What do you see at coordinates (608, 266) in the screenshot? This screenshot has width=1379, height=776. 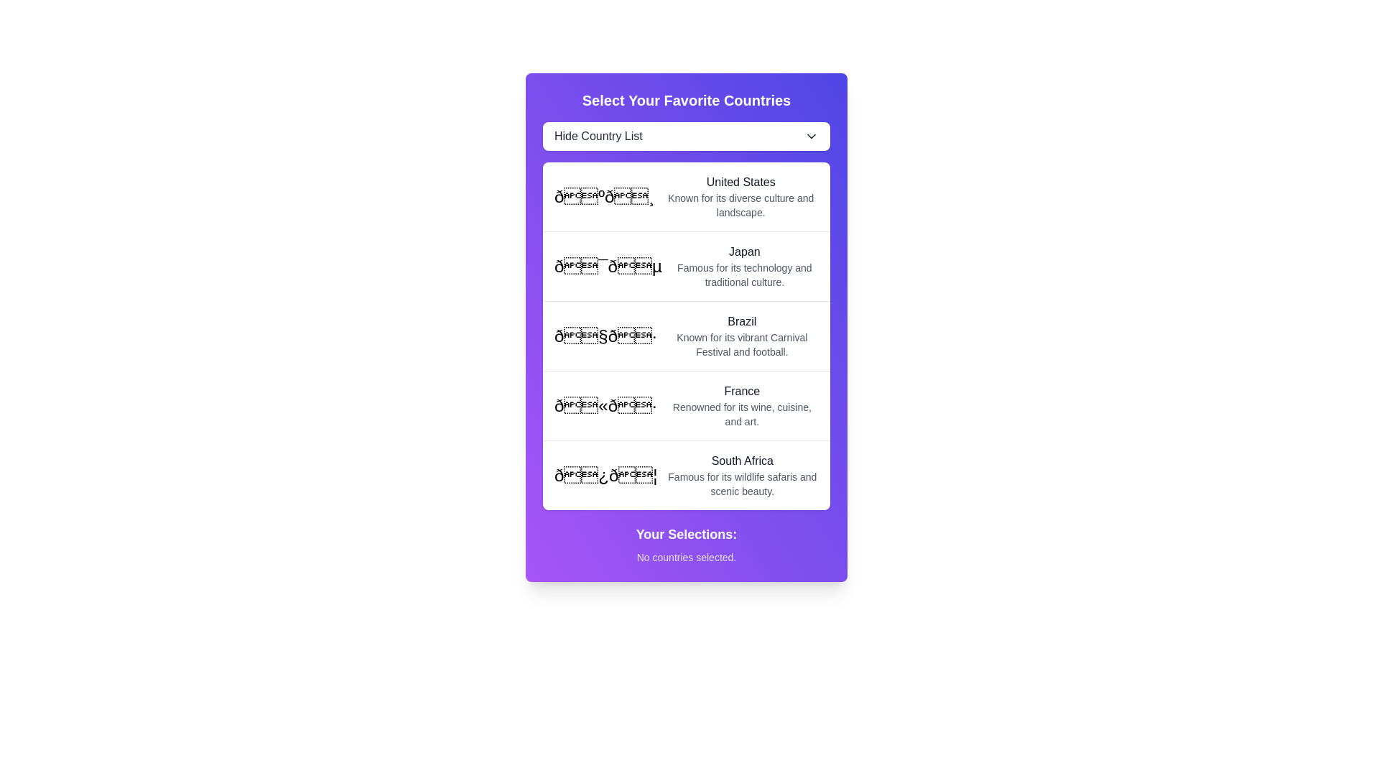 I see `the Japan flag emoji element located on the left side of the Japan item entry` at bounding box center [608, 266].